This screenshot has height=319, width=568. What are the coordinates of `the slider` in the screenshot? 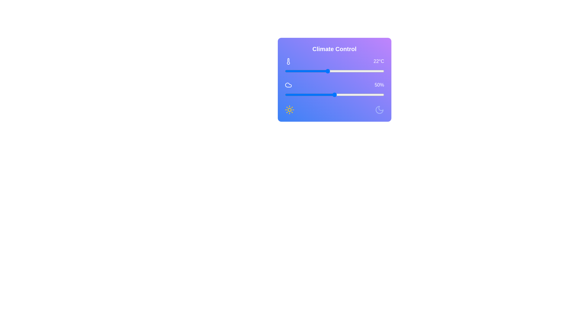 It's located at (352, 85).